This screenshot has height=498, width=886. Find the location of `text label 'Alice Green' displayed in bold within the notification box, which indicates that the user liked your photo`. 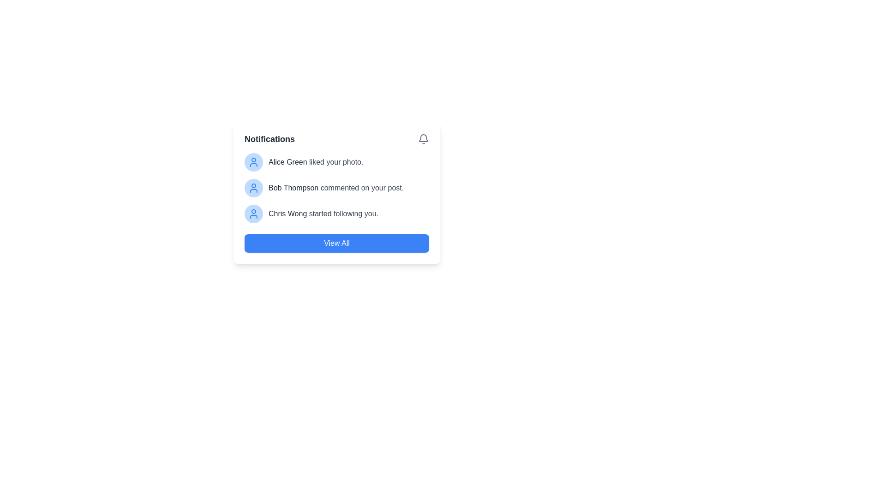

text label 'Alice Green' displayed in bold within the notification box, which indicates that the user liked your photo is located at coordinates (287, 161).